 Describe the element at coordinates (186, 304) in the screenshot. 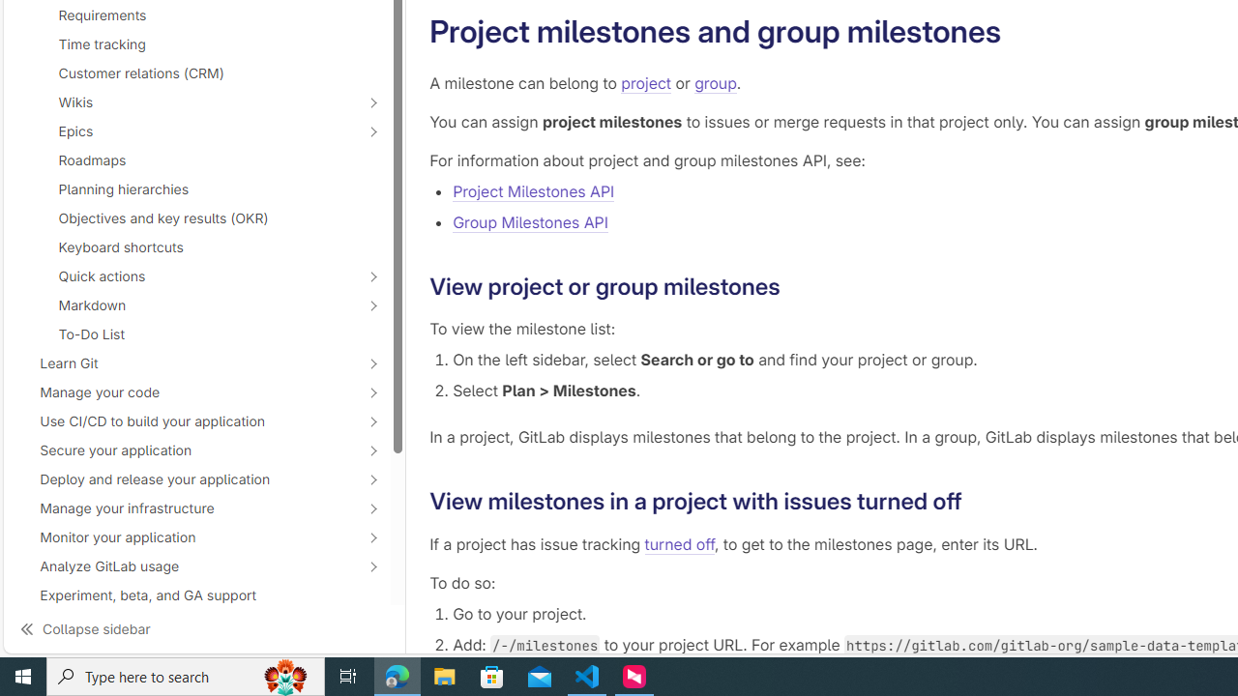

I see `'Markdown'` at that location.